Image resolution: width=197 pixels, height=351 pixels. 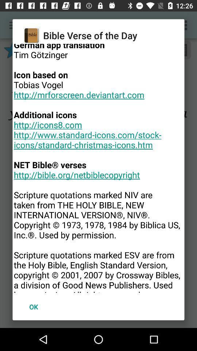 I want to click on icon at the center, so click(x=98, y=168).